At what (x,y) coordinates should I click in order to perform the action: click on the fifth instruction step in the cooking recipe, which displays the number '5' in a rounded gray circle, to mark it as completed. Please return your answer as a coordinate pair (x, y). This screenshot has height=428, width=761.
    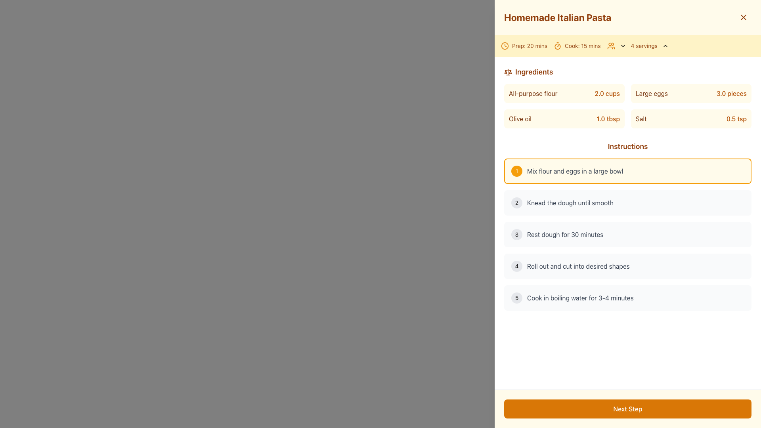
    Looking at the image, I should click on (627, 298).